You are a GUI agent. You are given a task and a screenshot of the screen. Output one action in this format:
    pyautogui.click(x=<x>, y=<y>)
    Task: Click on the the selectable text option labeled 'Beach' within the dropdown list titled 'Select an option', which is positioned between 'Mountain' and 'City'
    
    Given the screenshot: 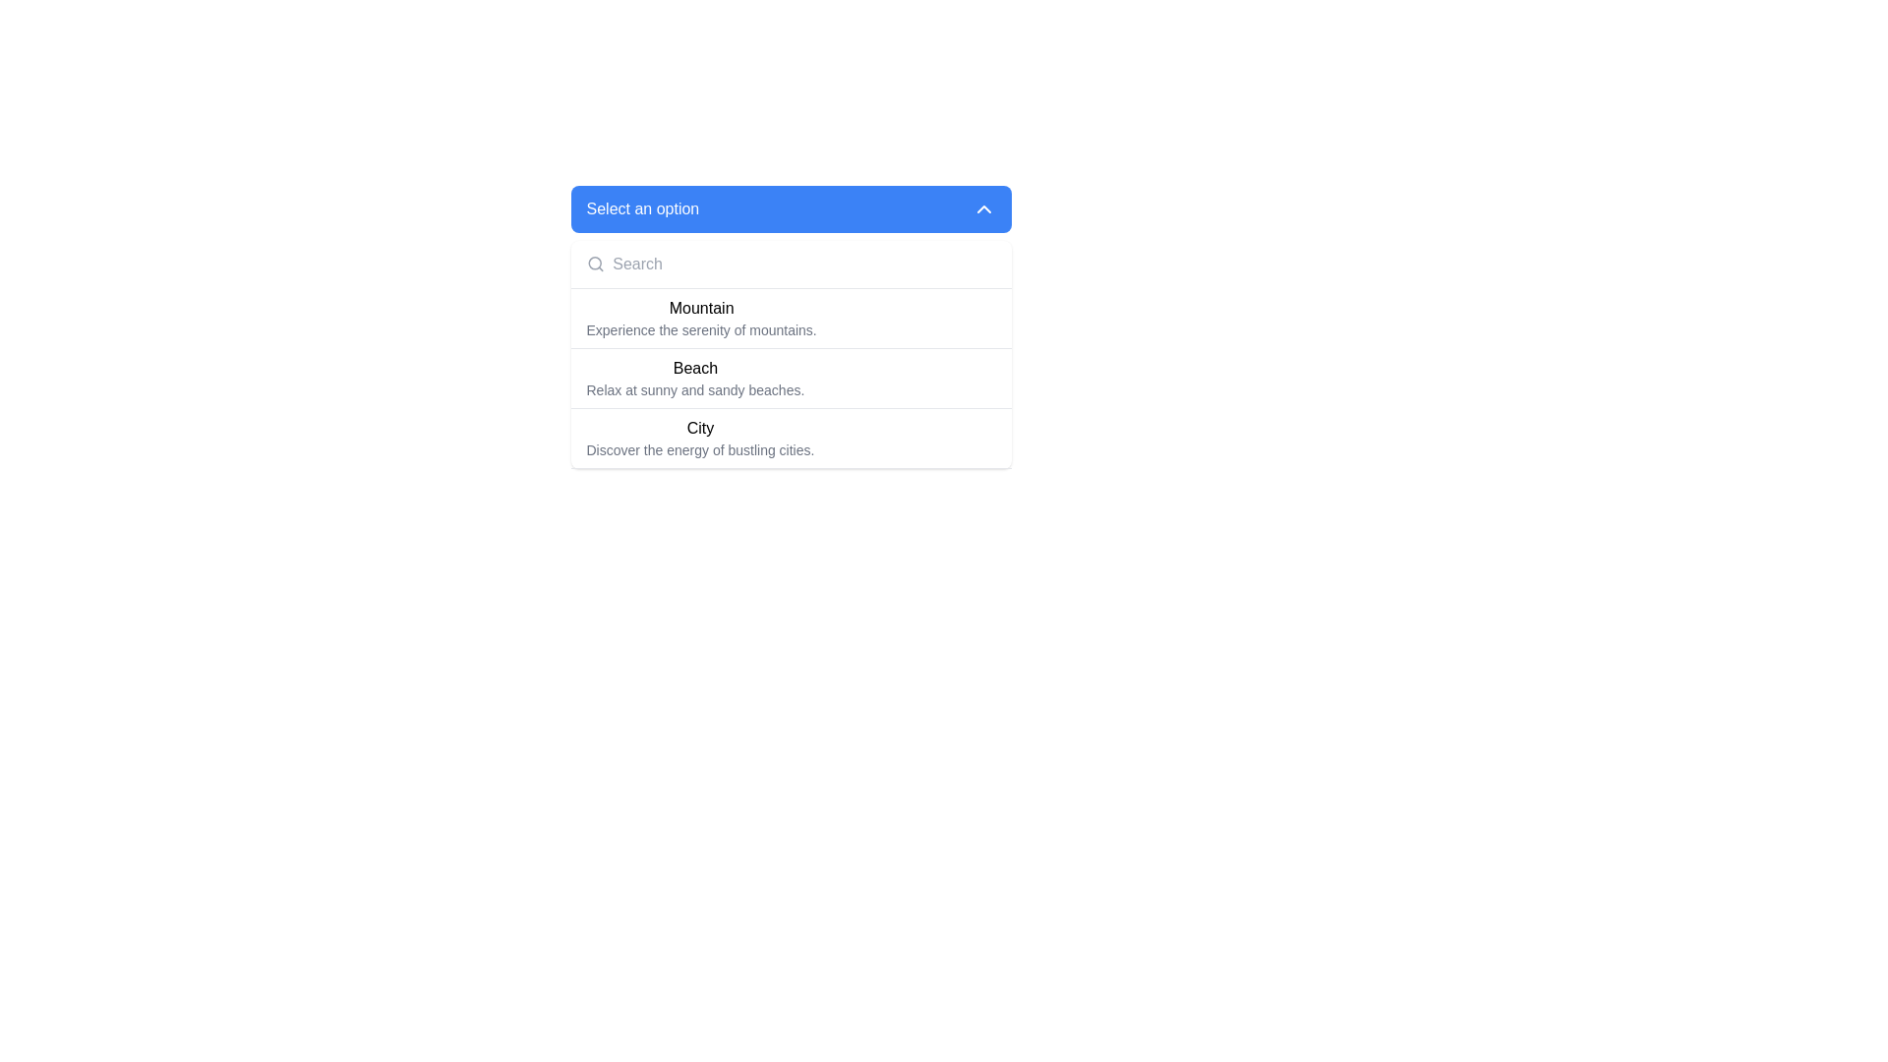 What is the action you would take?
    pyautogui.click(x=695, y=379)
    